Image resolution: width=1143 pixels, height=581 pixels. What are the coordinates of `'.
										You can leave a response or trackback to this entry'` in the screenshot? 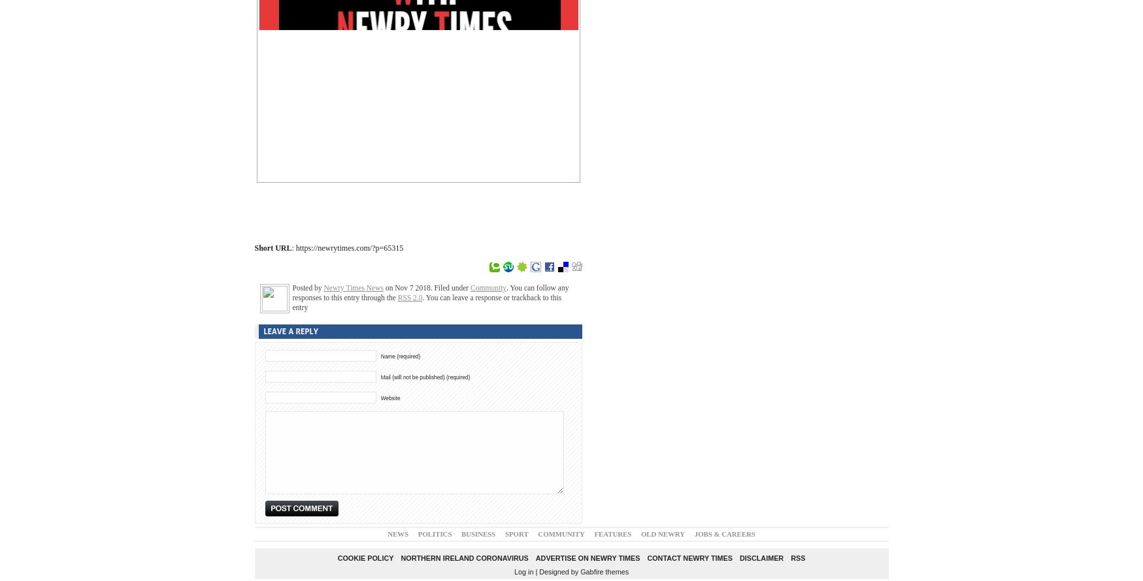 It's located at (427, 302).